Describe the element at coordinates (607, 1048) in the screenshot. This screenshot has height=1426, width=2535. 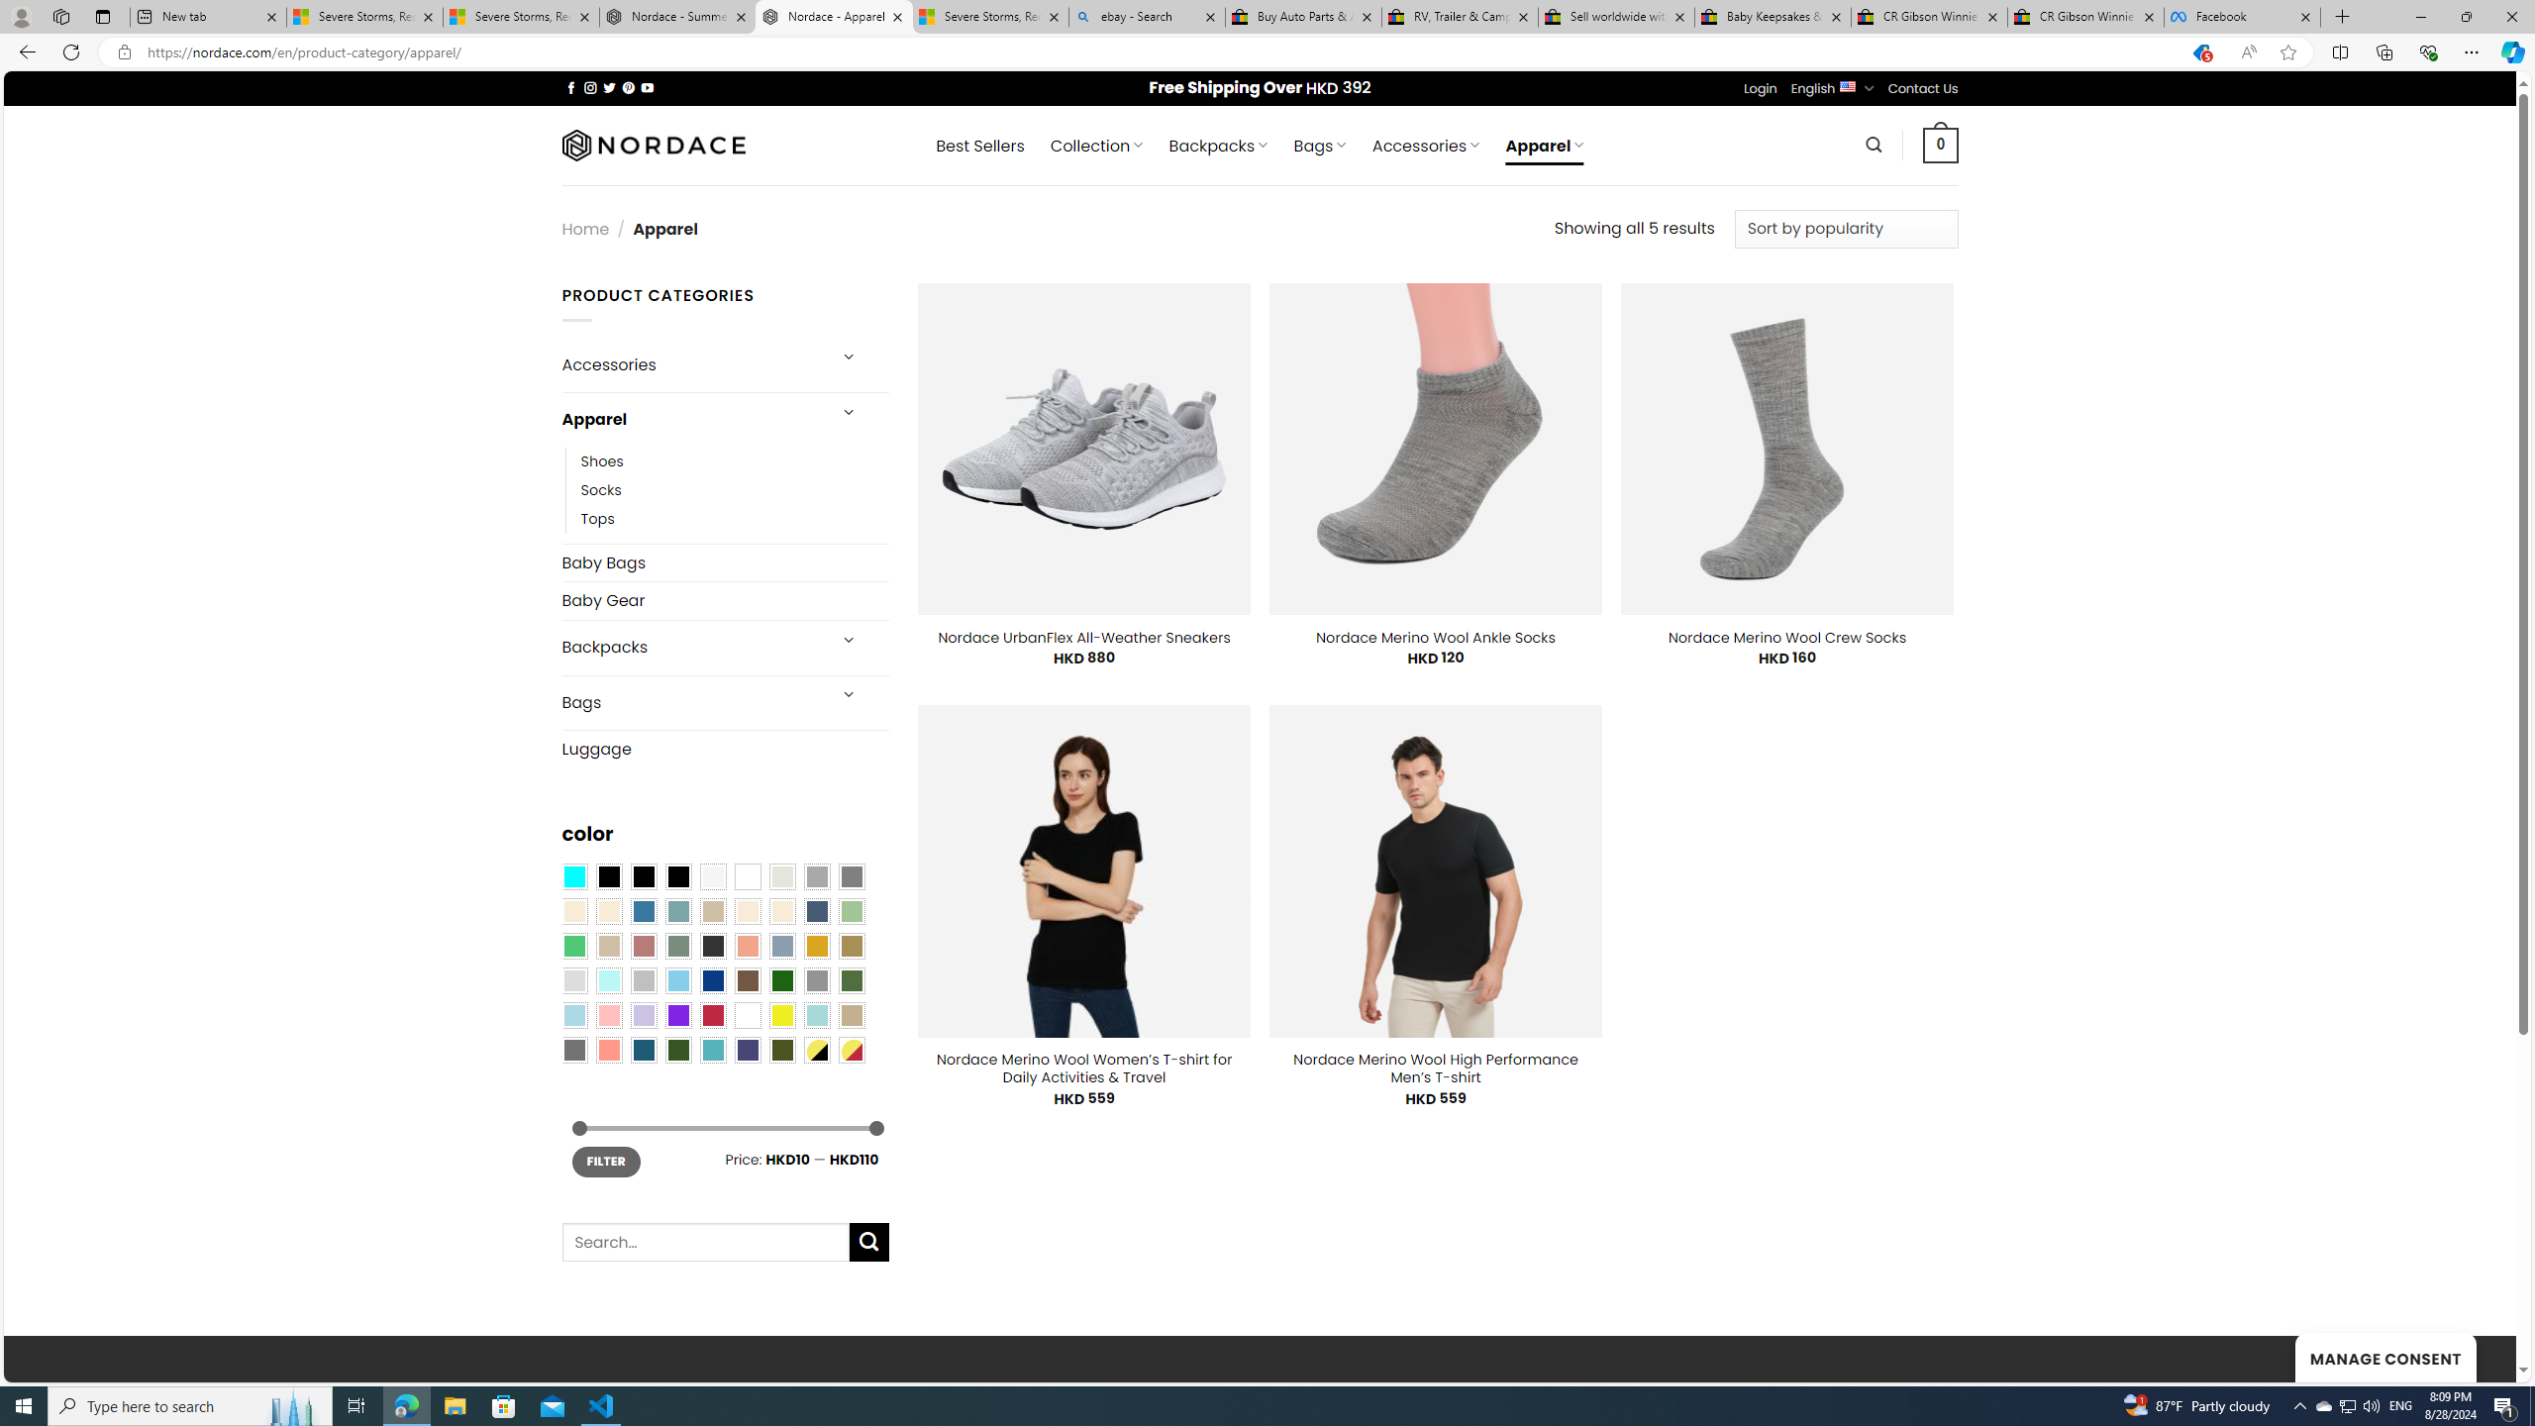
I see `'Peach Pink'` at that location.